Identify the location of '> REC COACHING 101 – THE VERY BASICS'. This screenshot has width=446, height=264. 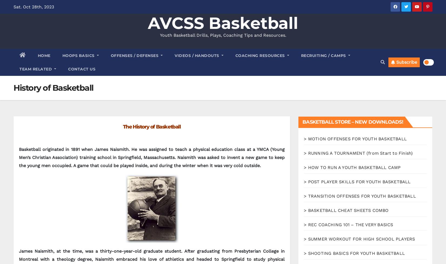
(348, 224).